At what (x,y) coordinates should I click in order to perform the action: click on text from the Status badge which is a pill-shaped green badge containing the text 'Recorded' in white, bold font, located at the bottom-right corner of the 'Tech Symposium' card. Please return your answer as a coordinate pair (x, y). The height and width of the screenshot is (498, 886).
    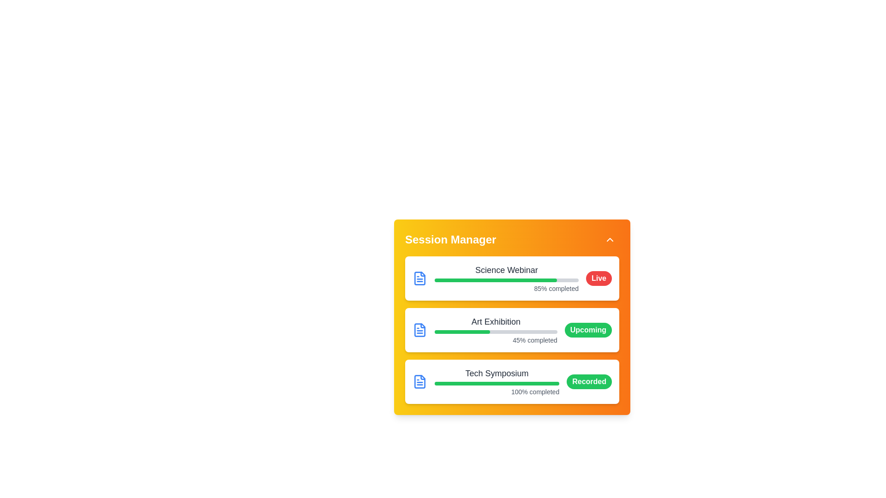
    Looking at the image, I should click on (589, 382).